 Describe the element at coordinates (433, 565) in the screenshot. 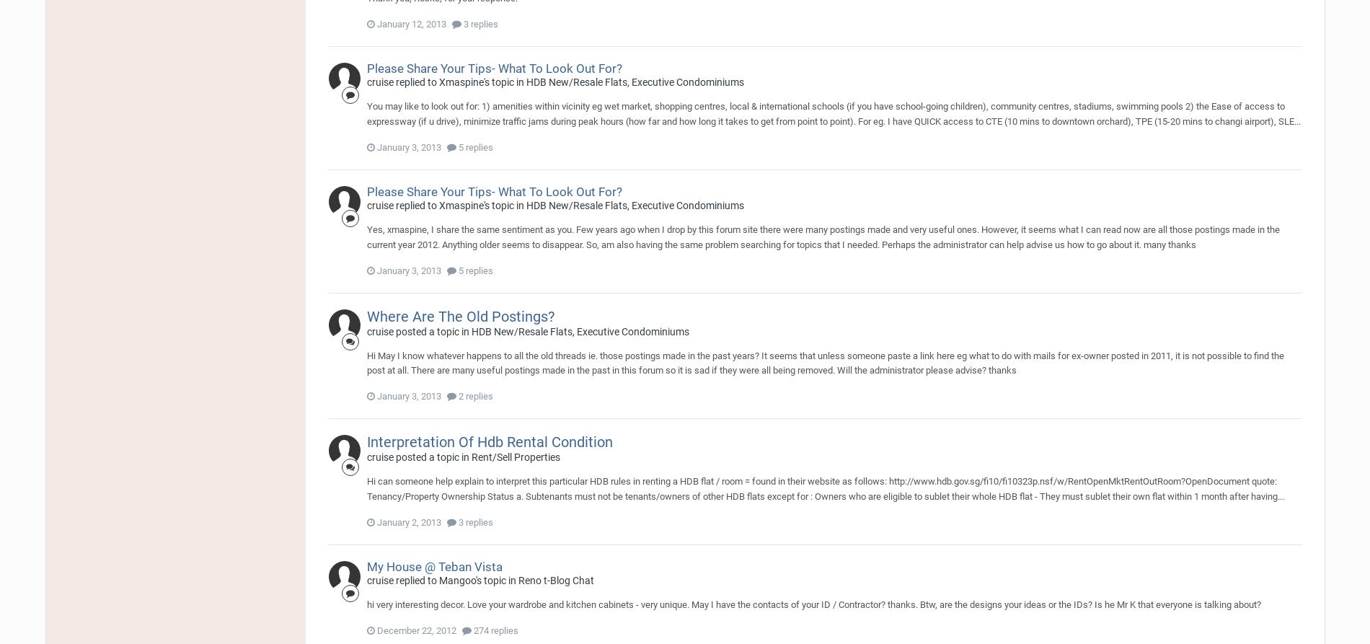

I see `'My House @ Teban Vista'` at that location.